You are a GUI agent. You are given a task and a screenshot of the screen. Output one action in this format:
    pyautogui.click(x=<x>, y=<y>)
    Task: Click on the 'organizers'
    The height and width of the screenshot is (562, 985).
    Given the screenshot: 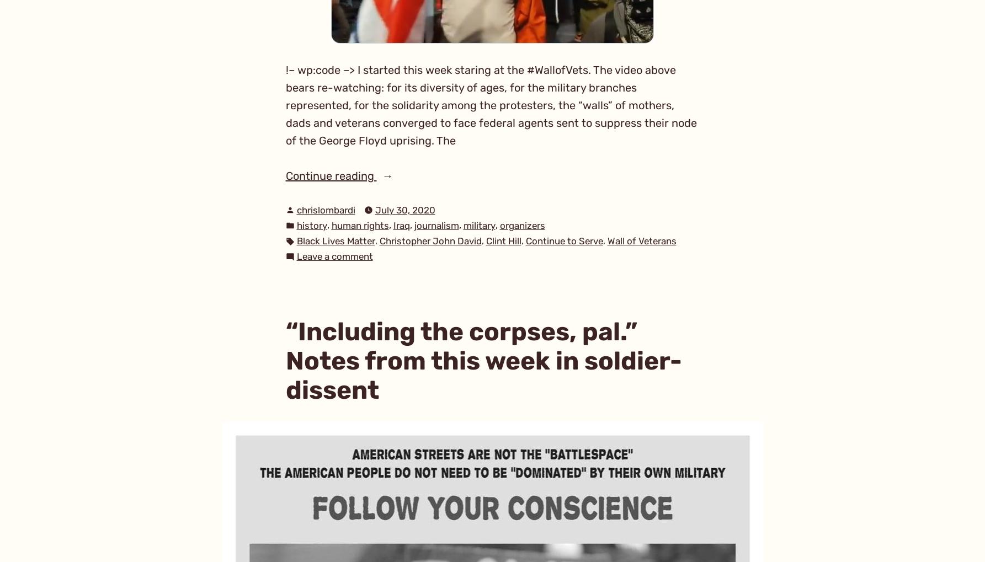 What is the action you would take?
    pyautogui.click(x=498, y=224)
    